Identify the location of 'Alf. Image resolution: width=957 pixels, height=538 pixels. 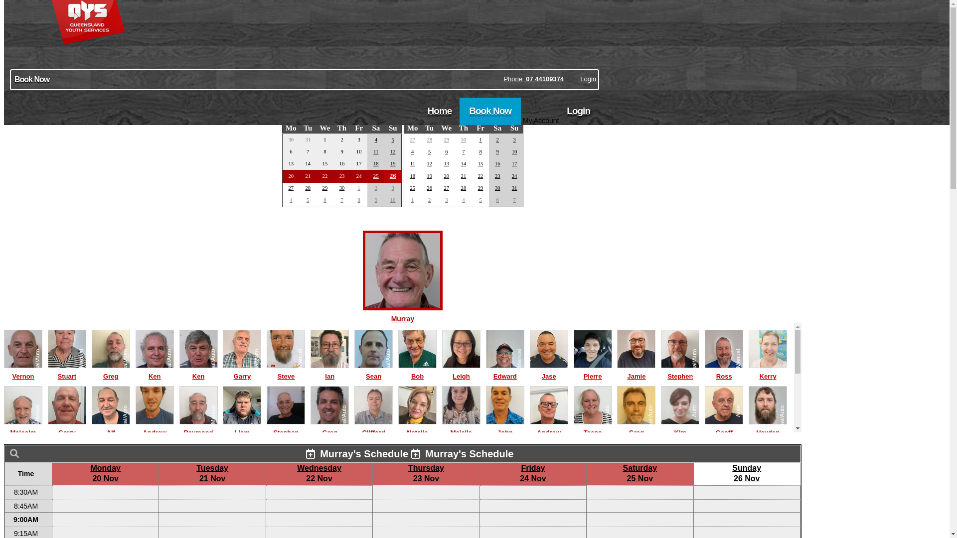
(111, 427).